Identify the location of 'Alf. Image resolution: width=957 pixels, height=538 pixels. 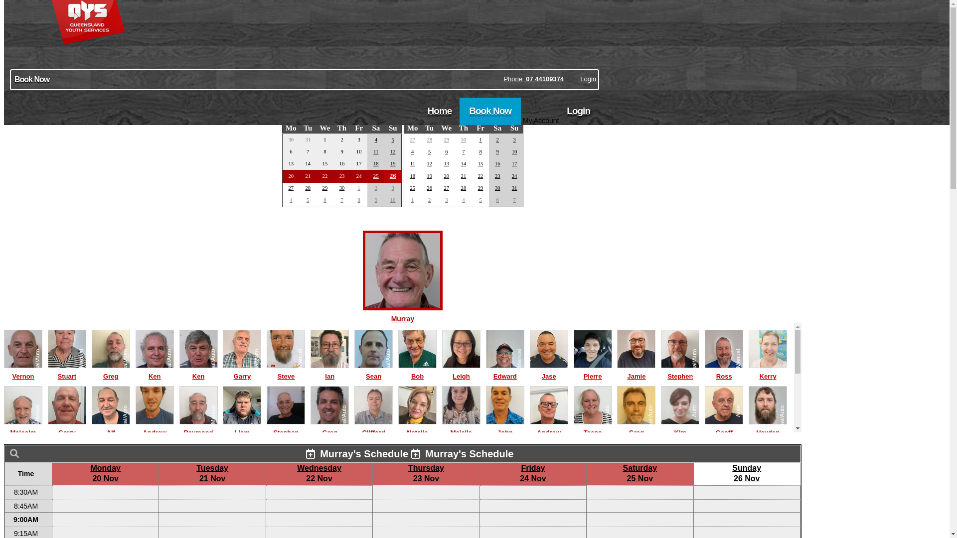
(111, 427).